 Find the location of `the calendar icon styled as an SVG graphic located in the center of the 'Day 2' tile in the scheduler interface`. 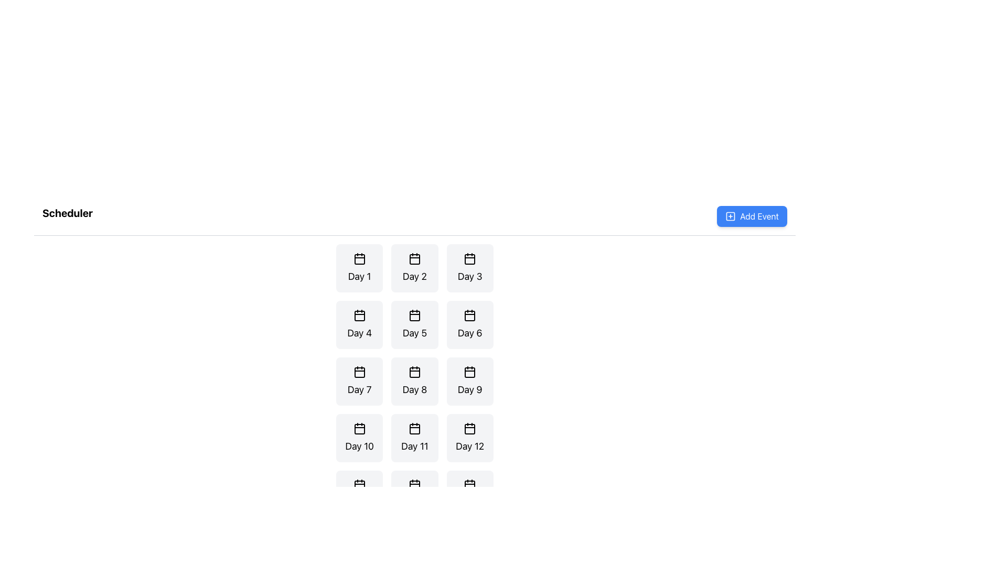

the calendar icon styled as an SVG graphic located in the center of the 'Day 2' tile in the scheduler interface is located at coordinates (414, 258).